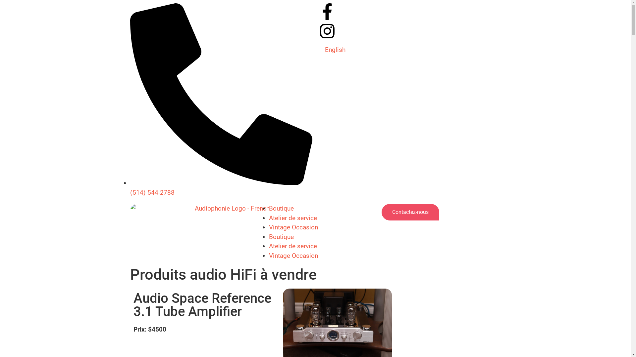  I want to click on 'Boutique', so click(281, 208).